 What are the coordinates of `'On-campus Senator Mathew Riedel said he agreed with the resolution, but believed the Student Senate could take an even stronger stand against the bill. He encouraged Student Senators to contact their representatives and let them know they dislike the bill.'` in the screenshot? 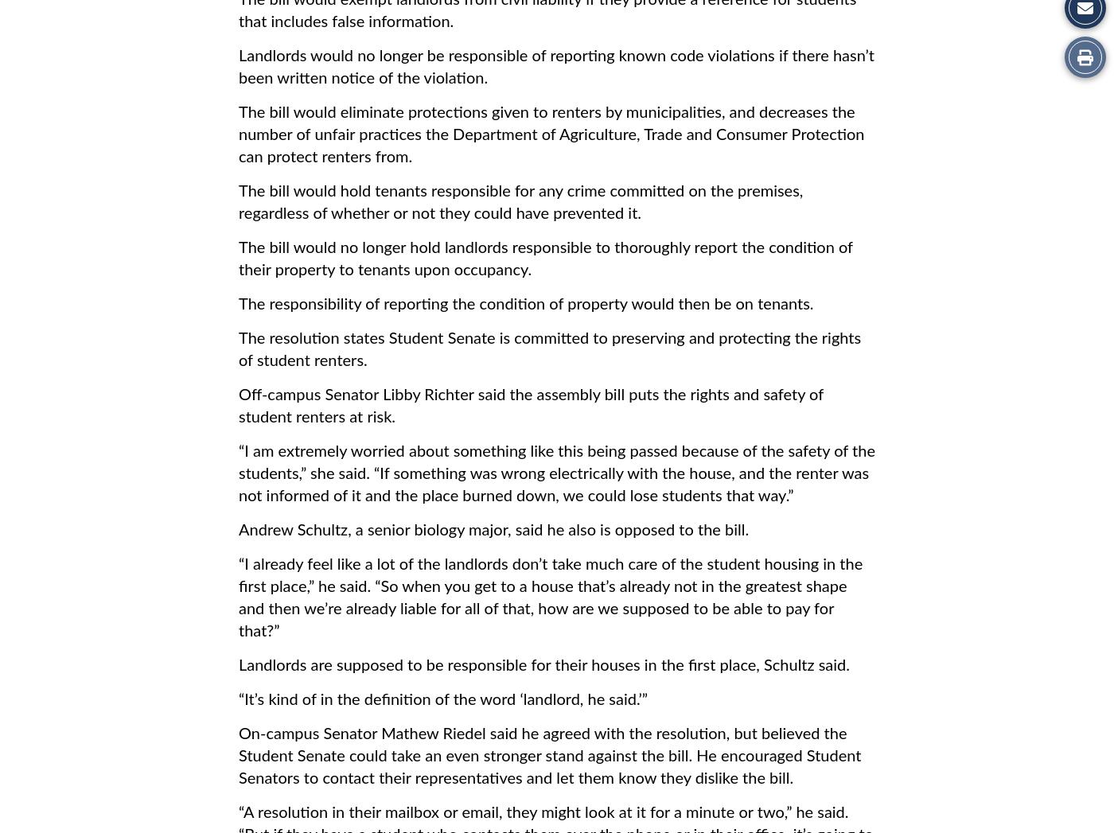 It's located at (239, 756).